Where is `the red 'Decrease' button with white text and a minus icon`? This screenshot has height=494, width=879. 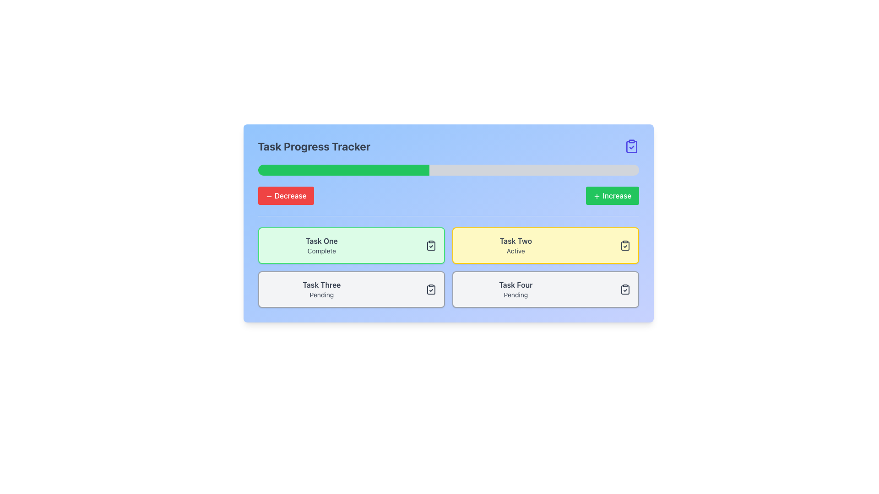
the red 'Decrease' button with white text and a minus icon is located at coordinates (285, 195).